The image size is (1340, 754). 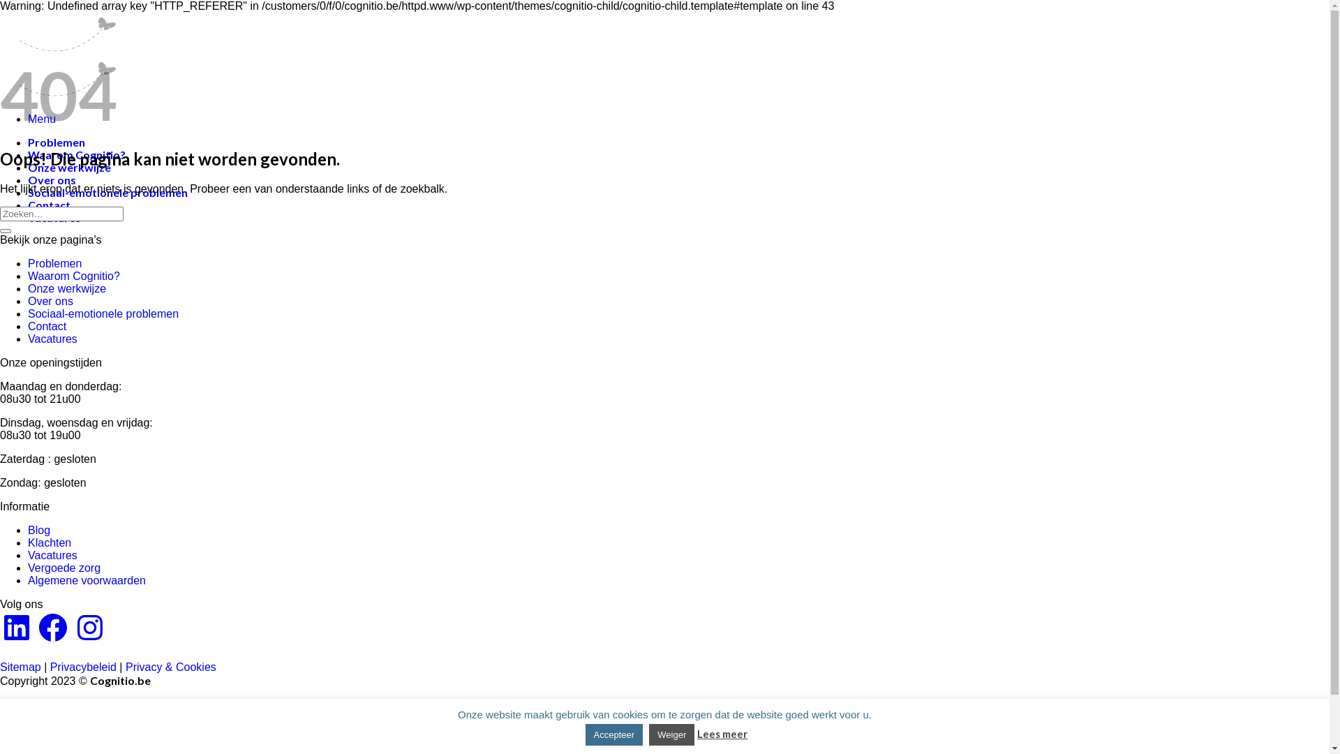 I want to click on 'Facebook', so click(x=53, y=626).